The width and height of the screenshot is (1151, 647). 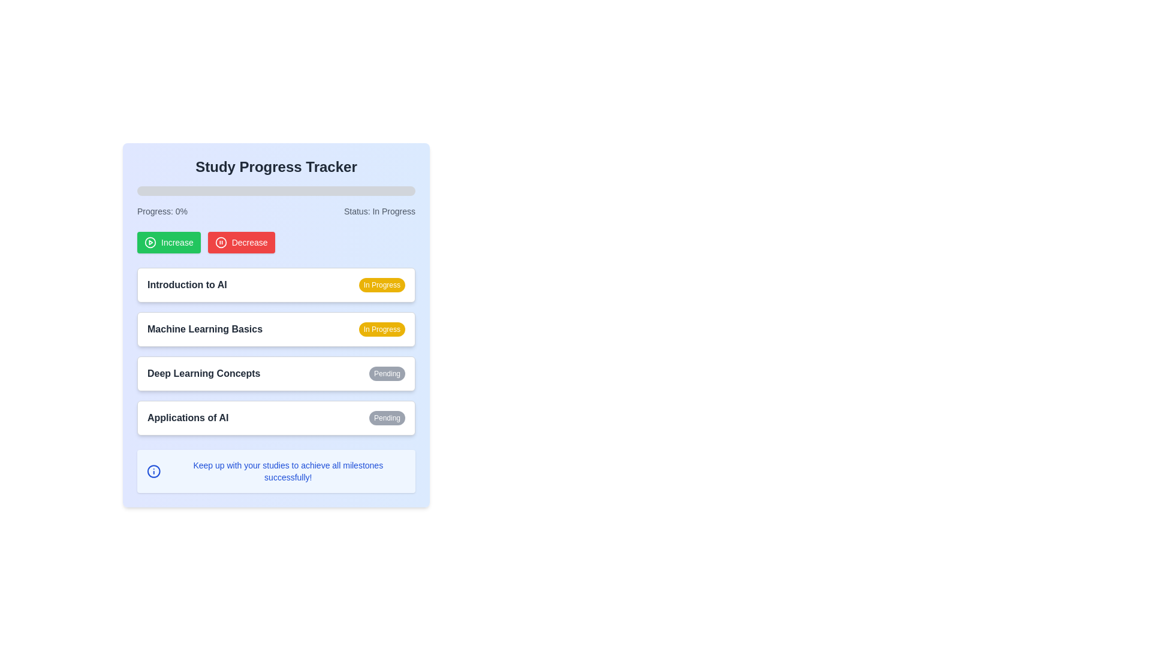 I want to click on the clickable list item labeled 'Deep Learning Concepts', so click(x=275, y=373).